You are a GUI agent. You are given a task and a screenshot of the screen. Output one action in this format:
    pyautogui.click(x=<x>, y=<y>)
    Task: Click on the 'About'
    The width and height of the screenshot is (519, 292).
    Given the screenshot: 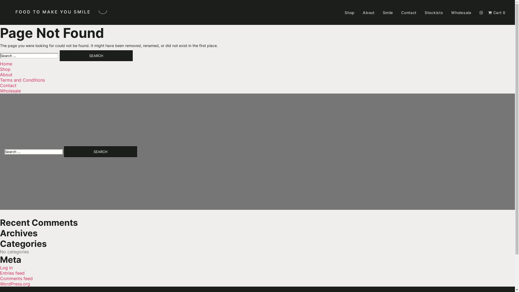 What is the action you would take?
    pyautogui.click(x=6, y=75)
    